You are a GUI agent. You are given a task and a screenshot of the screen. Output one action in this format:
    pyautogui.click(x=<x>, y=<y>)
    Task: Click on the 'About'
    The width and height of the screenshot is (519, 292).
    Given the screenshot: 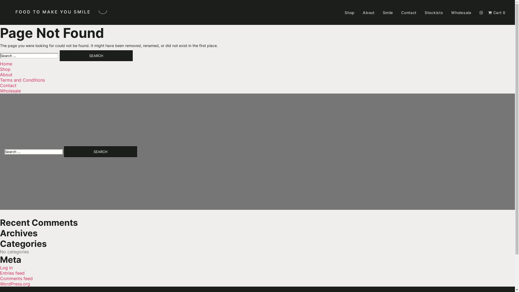 What is the action you would take?
    pyautogui.click(x=6, y=75)
    